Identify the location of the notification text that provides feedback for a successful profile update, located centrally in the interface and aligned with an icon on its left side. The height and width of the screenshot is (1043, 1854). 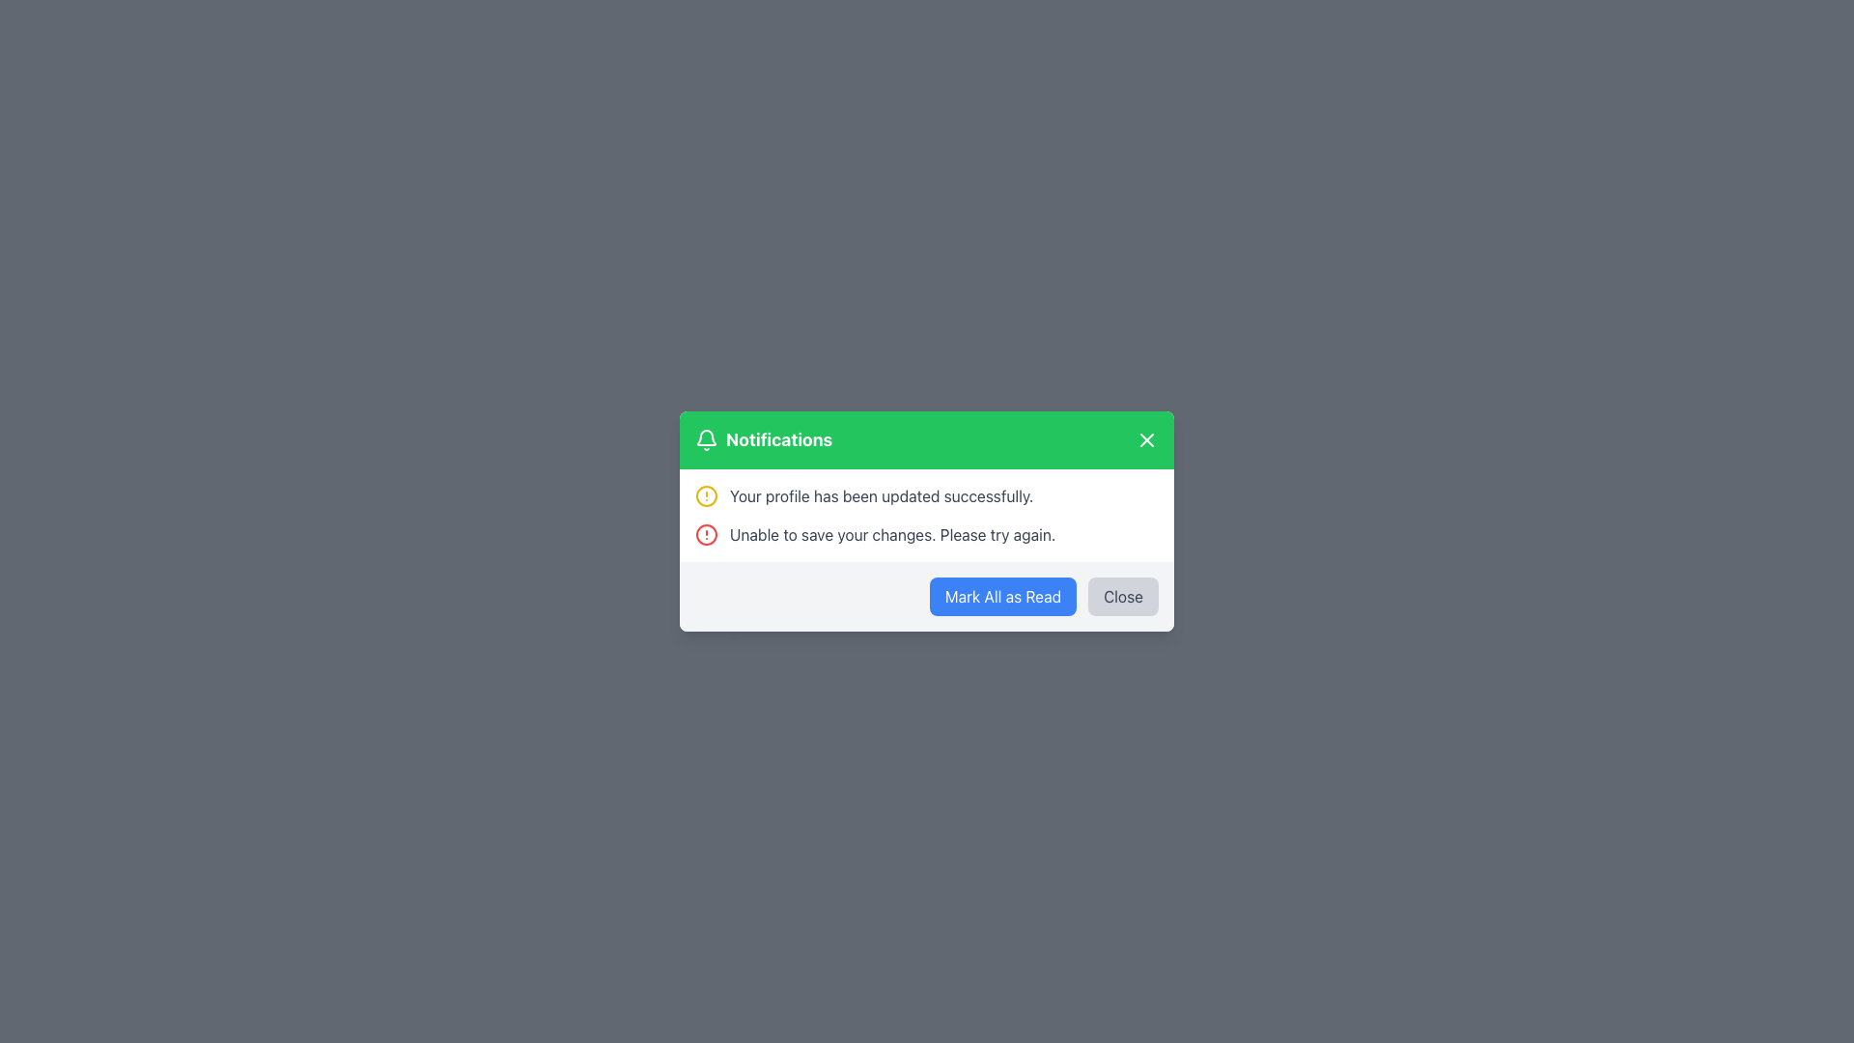
(881, 494).